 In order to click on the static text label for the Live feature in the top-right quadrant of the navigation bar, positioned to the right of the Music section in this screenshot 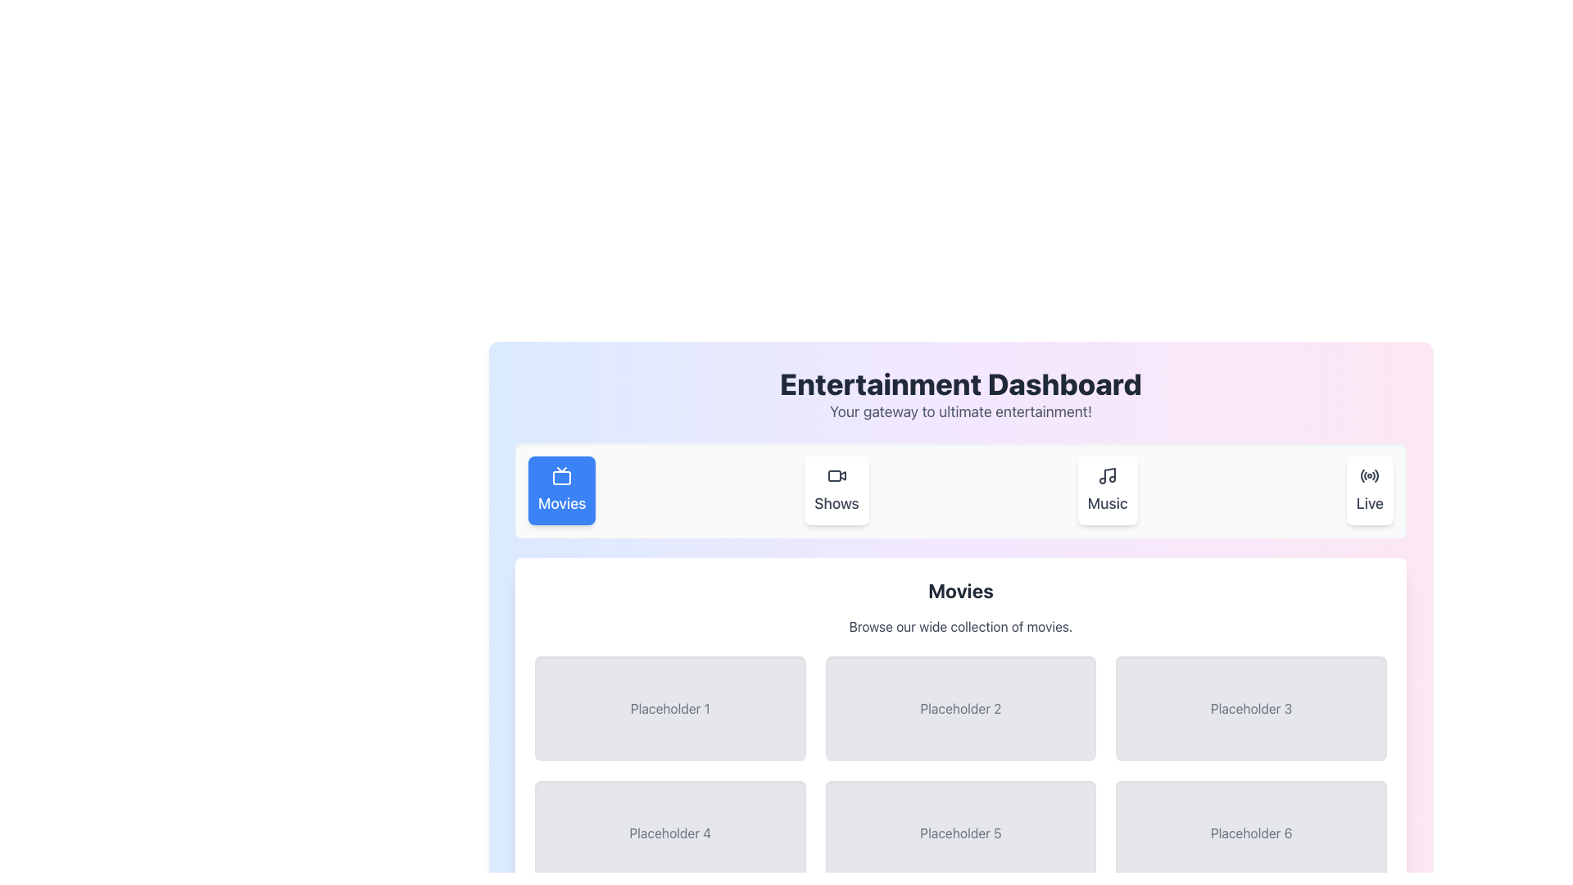, I will do `click(1370, 502)`.